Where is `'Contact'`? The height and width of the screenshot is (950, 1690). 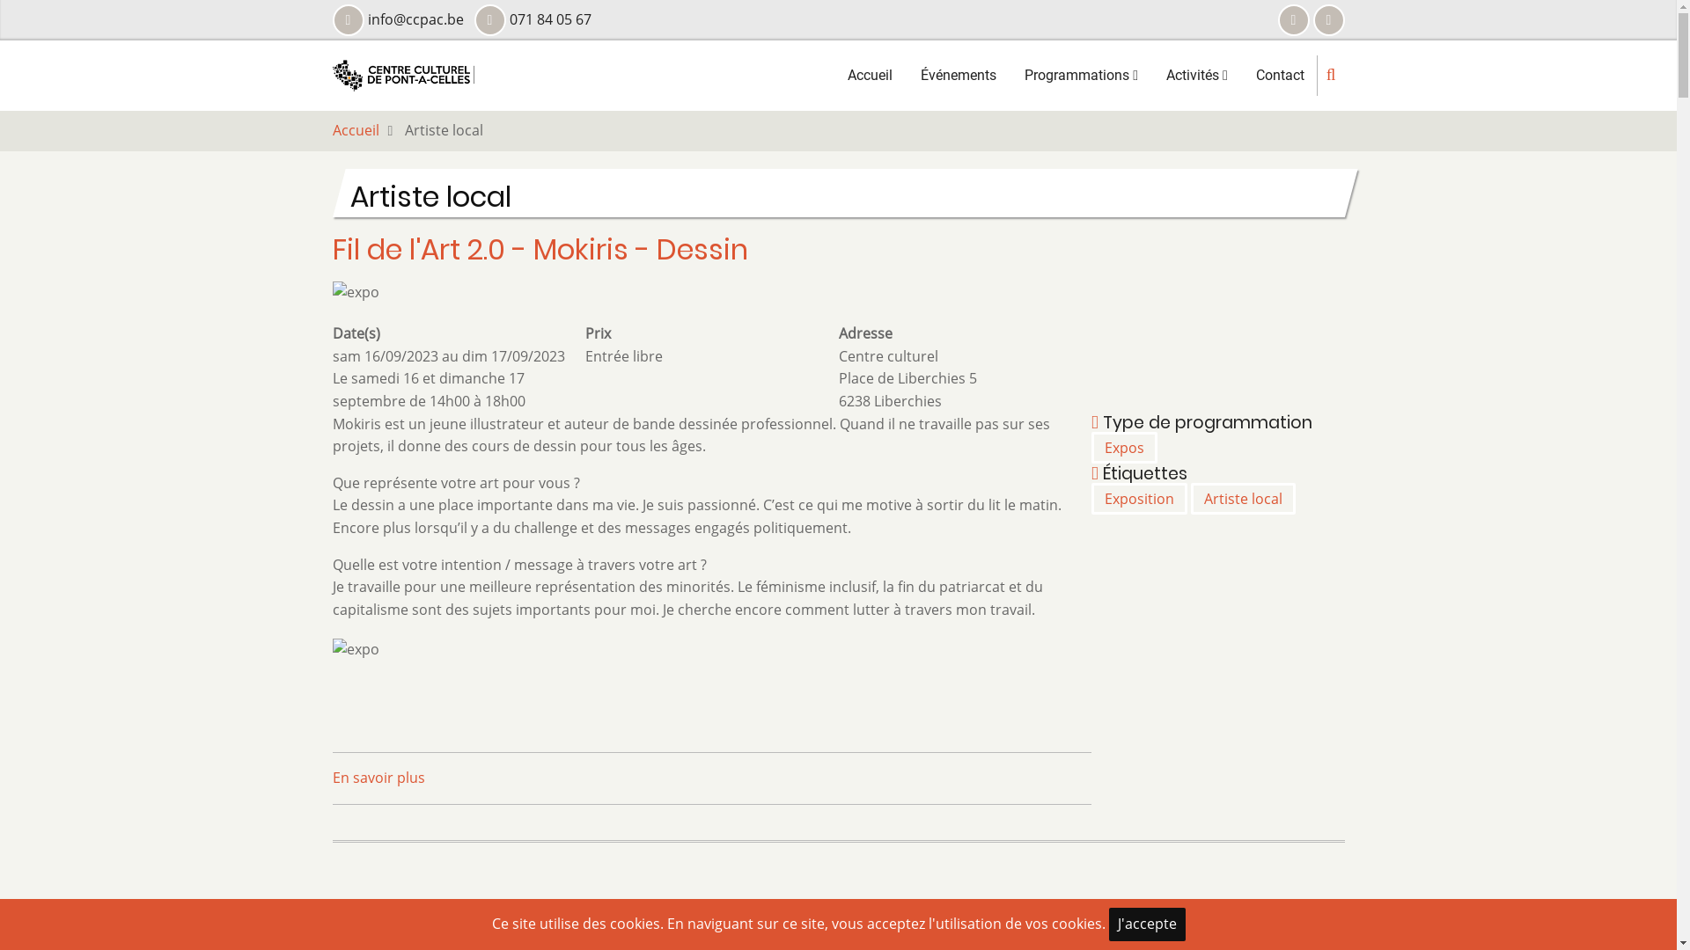 'Contact' is located at coordinates (1280, 74).